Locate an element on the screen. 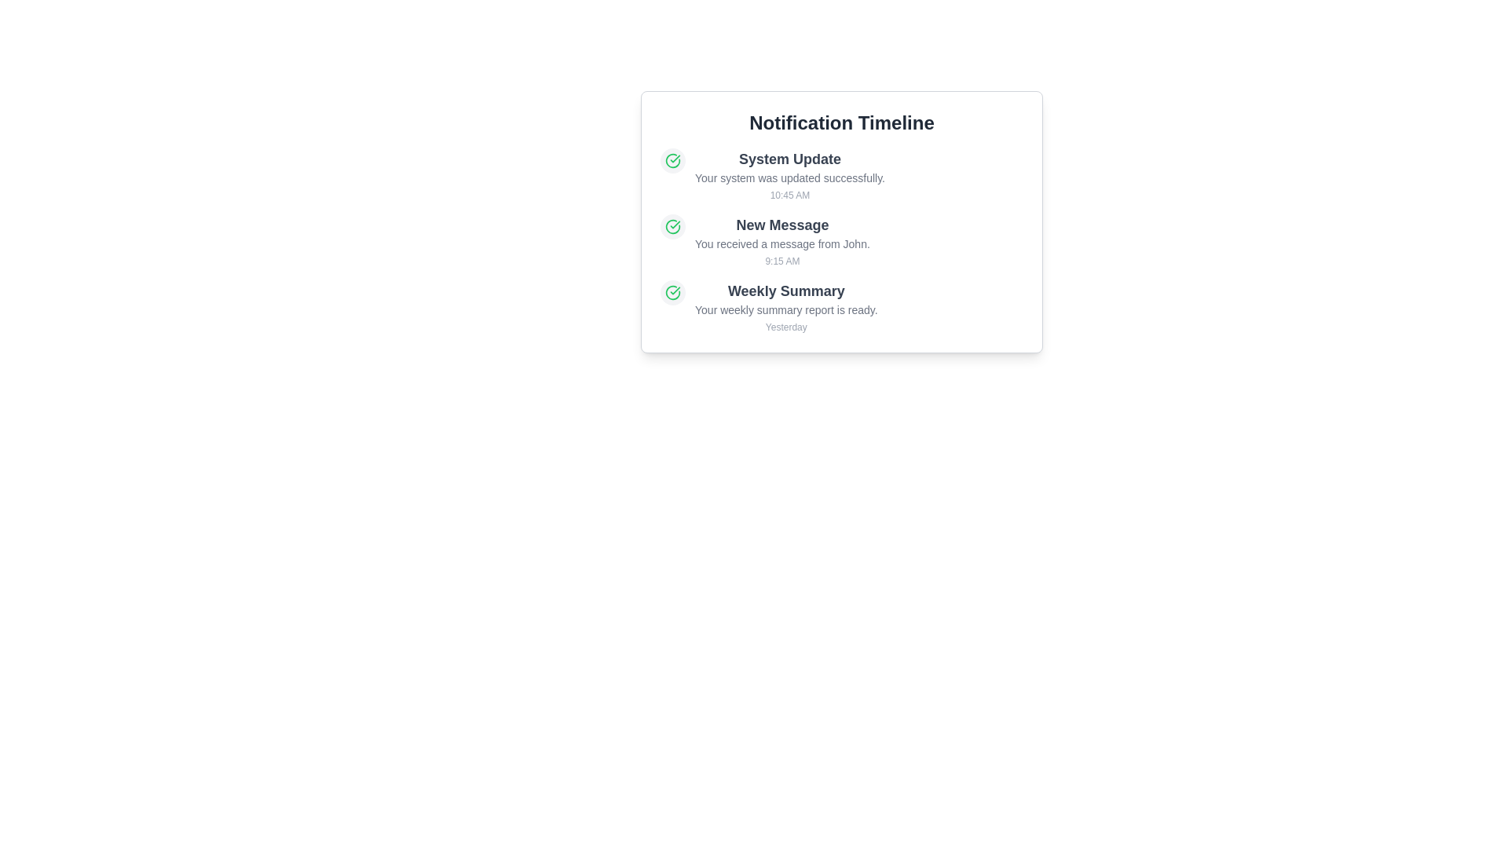 This screenshot has width=1508, height=848. the Status indicator icon, which is a circular icon with a gray background and a green checkmark overlay, located at the top-left of the 'New Message' notification block is located at coordinates (673, 227).